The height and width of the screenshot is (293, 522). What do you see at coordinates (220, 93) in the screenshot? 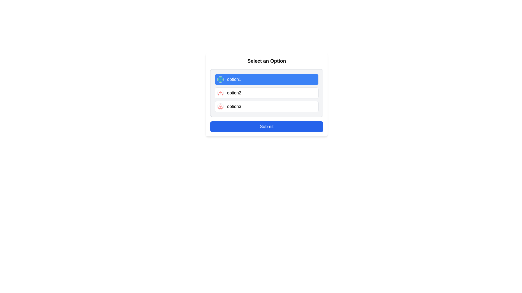
I see `the triangular warning icon with a red border located next to the label 'option3'` at bounding box center [220, 93].